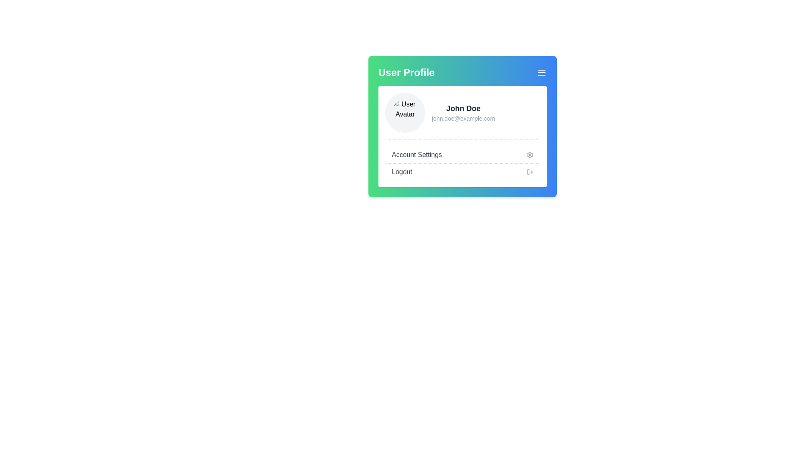 Image resolution: width=802 pixels, height=451 pixels. Describe the element at coordinates (529, 155) in the screenshot. I see `the settings icon located to the far right of the 'Account Settings' row in the user profile dropdown` at that location.